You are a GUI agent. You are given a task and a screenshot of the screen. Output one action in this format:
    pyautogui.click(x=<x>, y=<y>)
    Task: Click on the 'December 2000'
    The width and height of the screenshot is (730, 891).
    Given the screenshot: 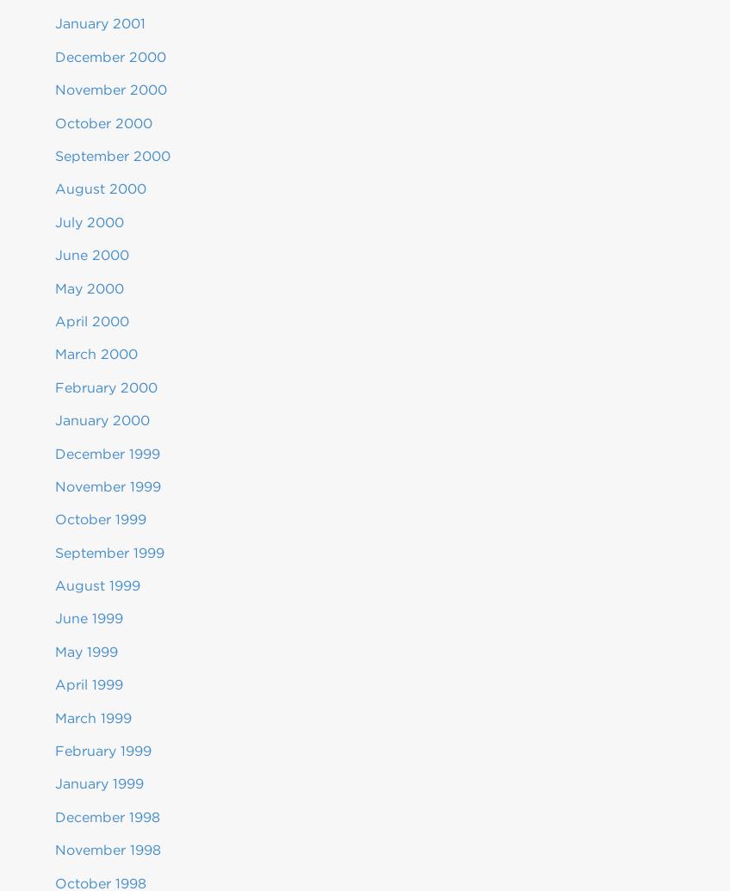 What is the action you would take?
    pyautogui.click(x=109, y=56)
    